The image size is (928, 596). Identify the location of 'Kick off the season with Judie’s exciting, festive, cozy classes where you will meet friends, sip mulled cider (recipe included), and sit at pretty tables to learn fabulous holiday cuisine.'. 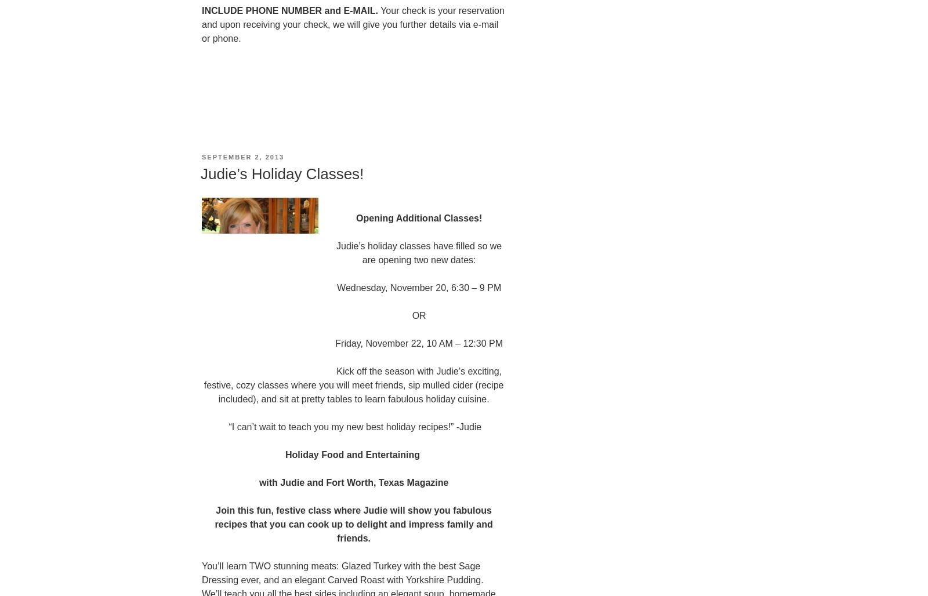
(353, 384).